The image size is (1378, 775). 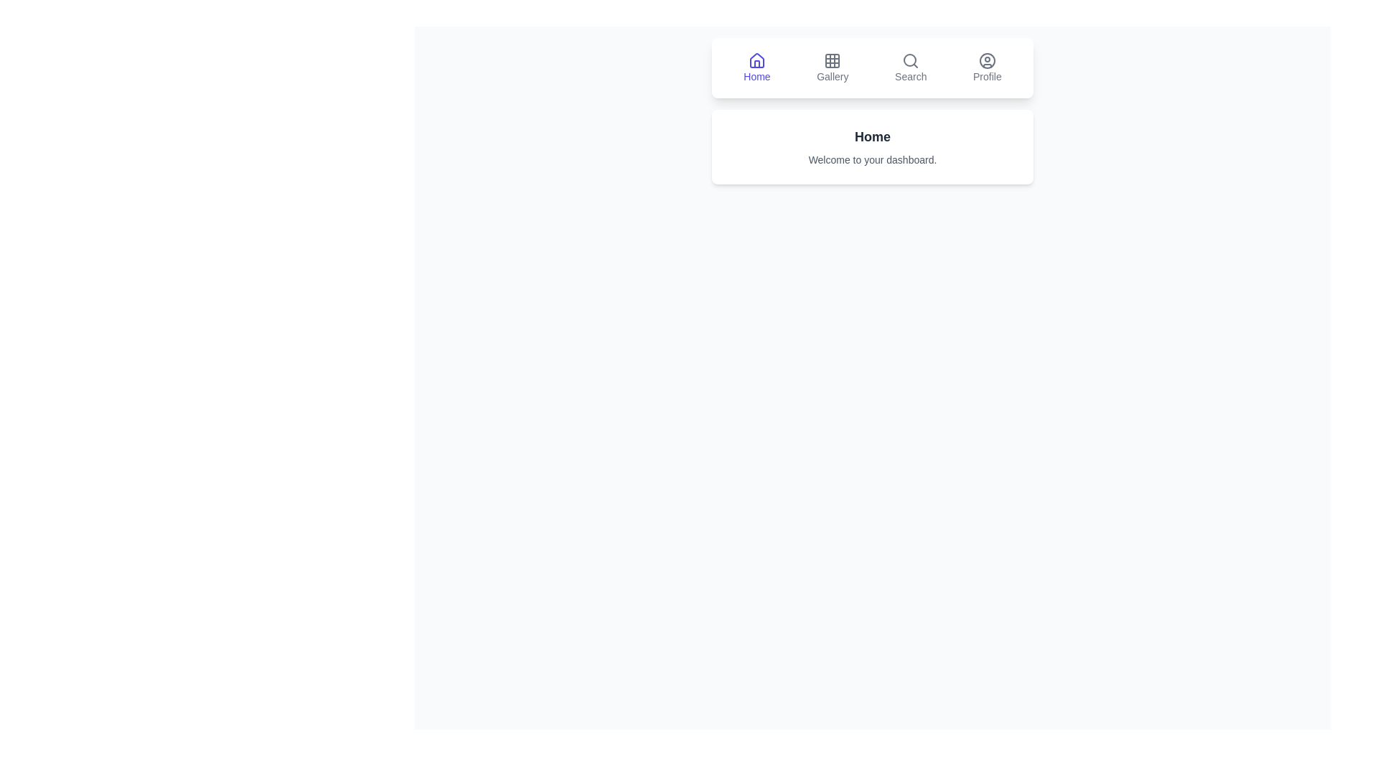 I want to click on the Search tab by clicking on its corresponding button, so click(x=910, y=68).